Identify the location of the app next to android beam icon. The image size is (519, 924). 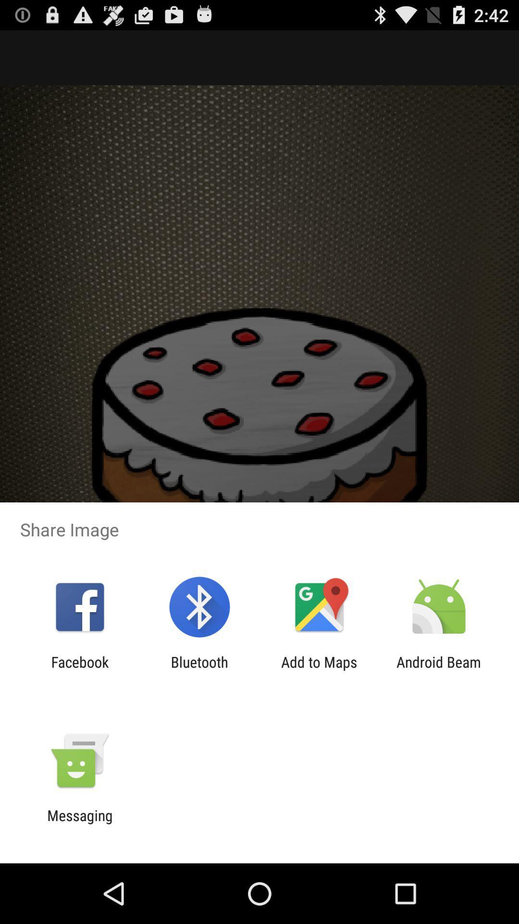
(319, 670).